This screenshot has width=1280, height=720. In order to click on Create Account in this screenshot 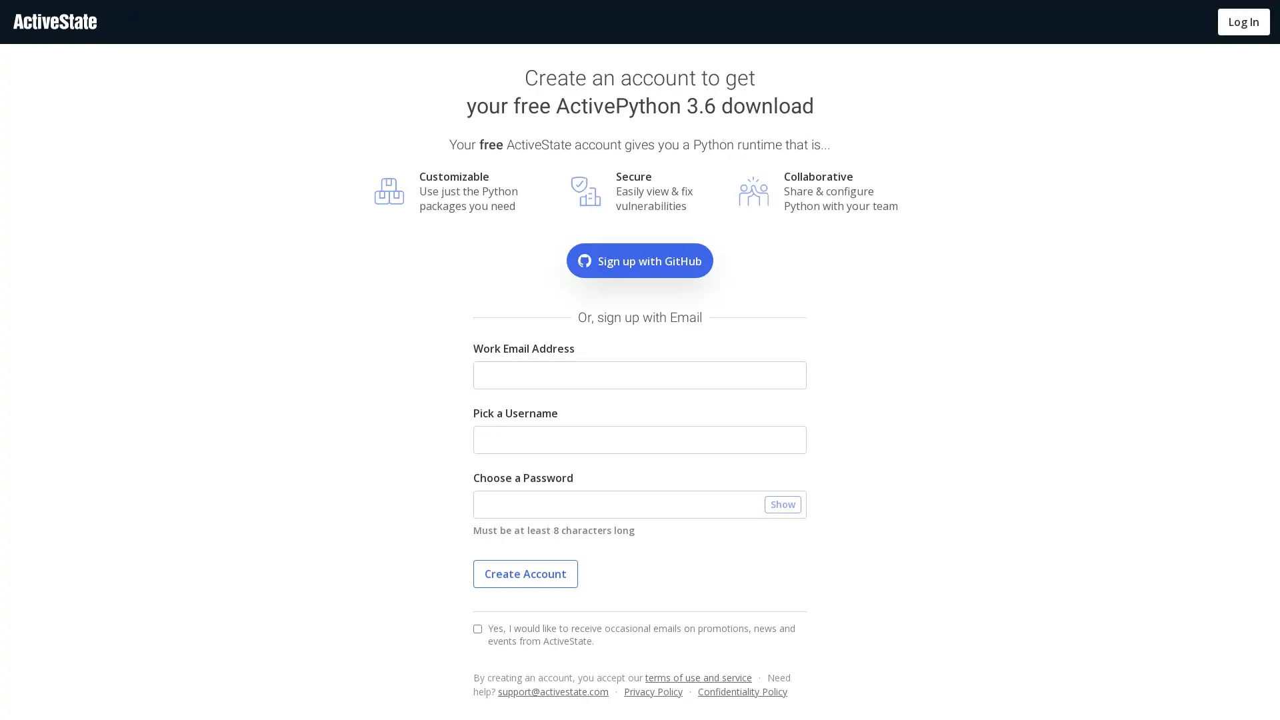, I will do `click(525, 573)`.